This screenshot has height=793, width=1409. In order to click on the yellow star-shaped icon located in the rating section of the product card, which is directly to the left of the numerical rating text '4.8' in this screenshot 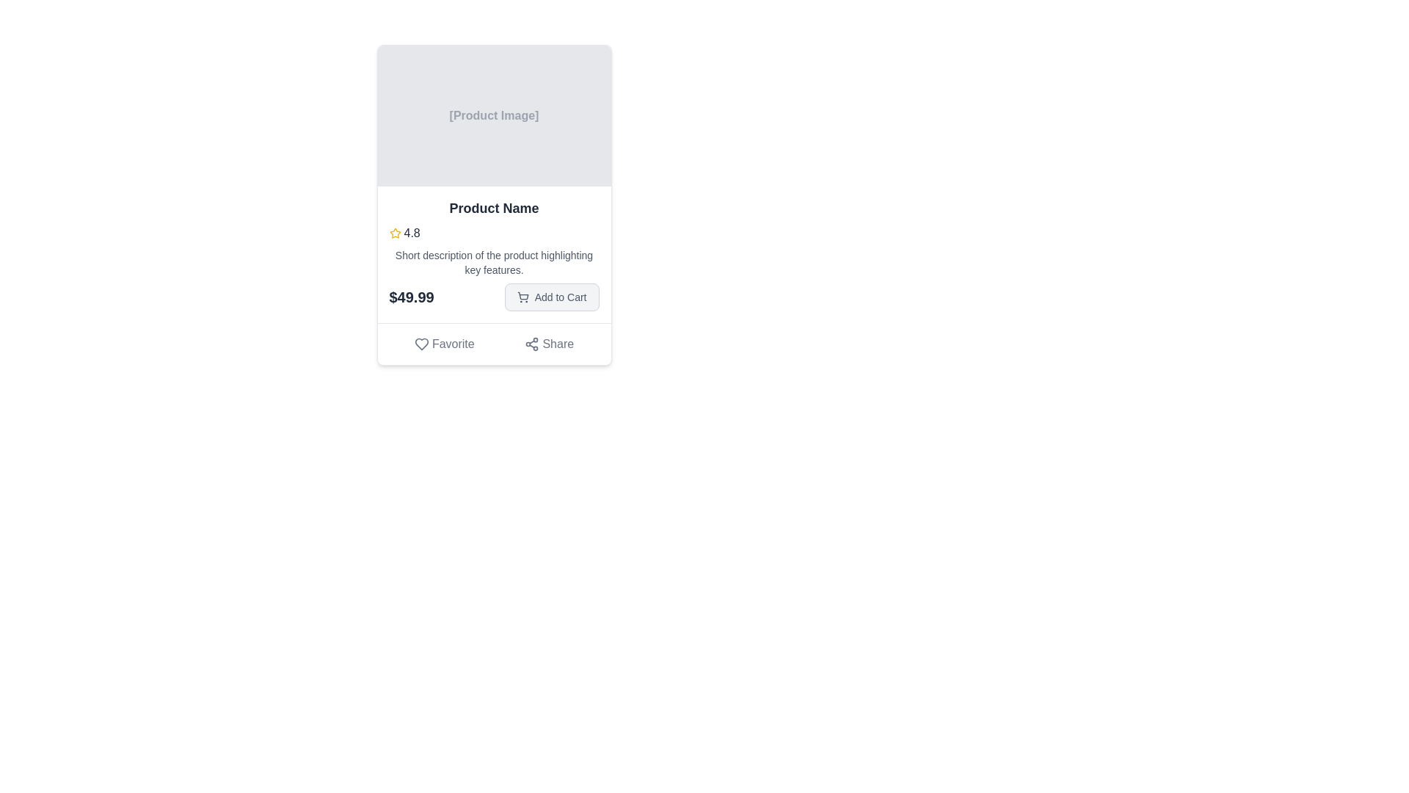, I will do `click(395, 232)`.